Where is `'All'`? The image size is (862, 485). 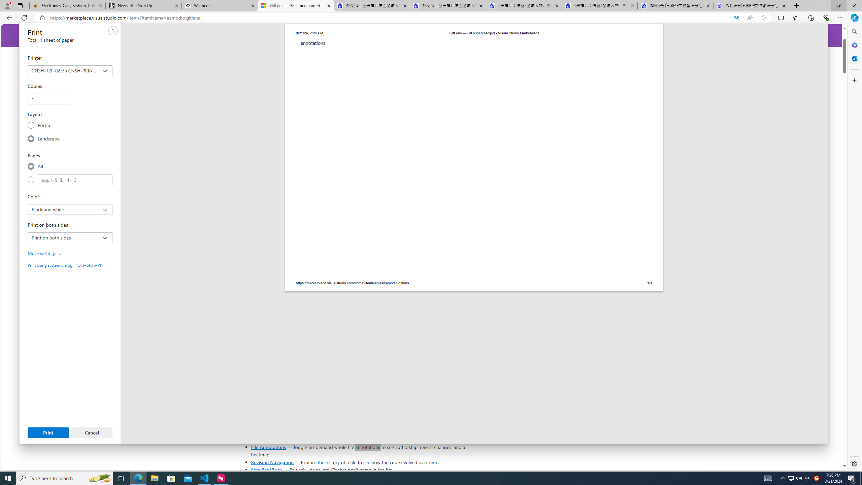 'All' is located at coordinates (31, 166).